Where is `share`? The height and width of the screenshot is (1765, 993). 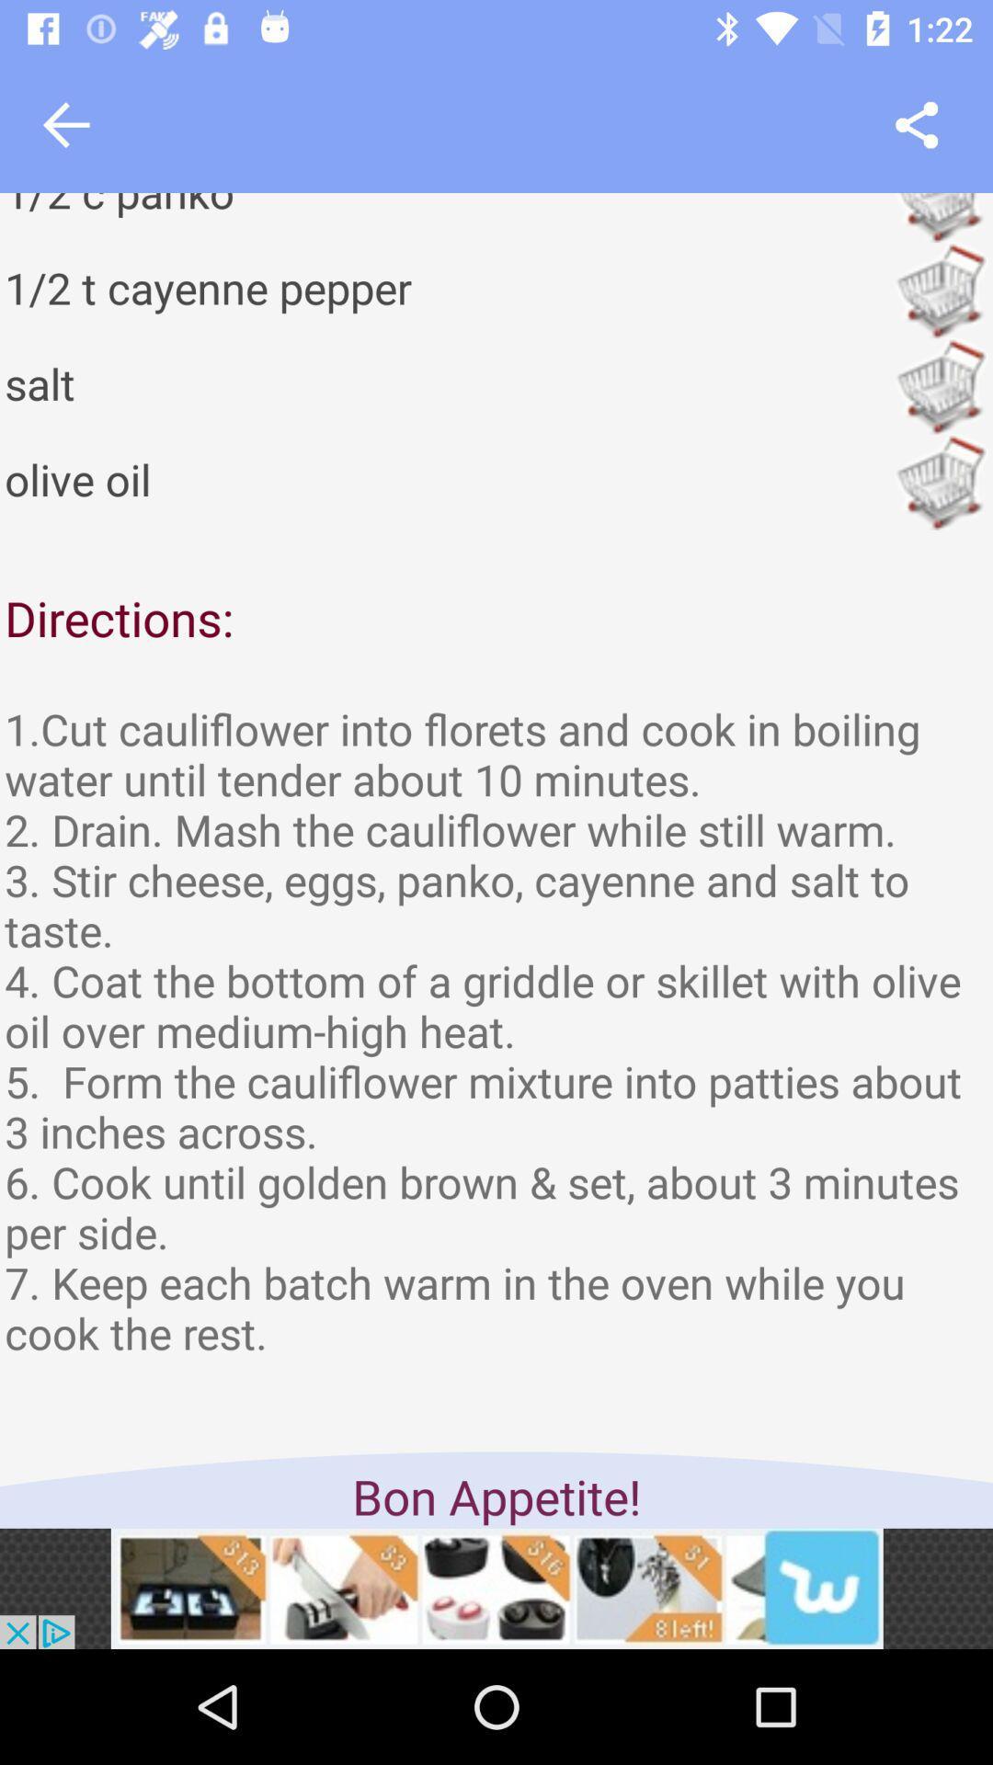
share is located at coordinates (917, 124).